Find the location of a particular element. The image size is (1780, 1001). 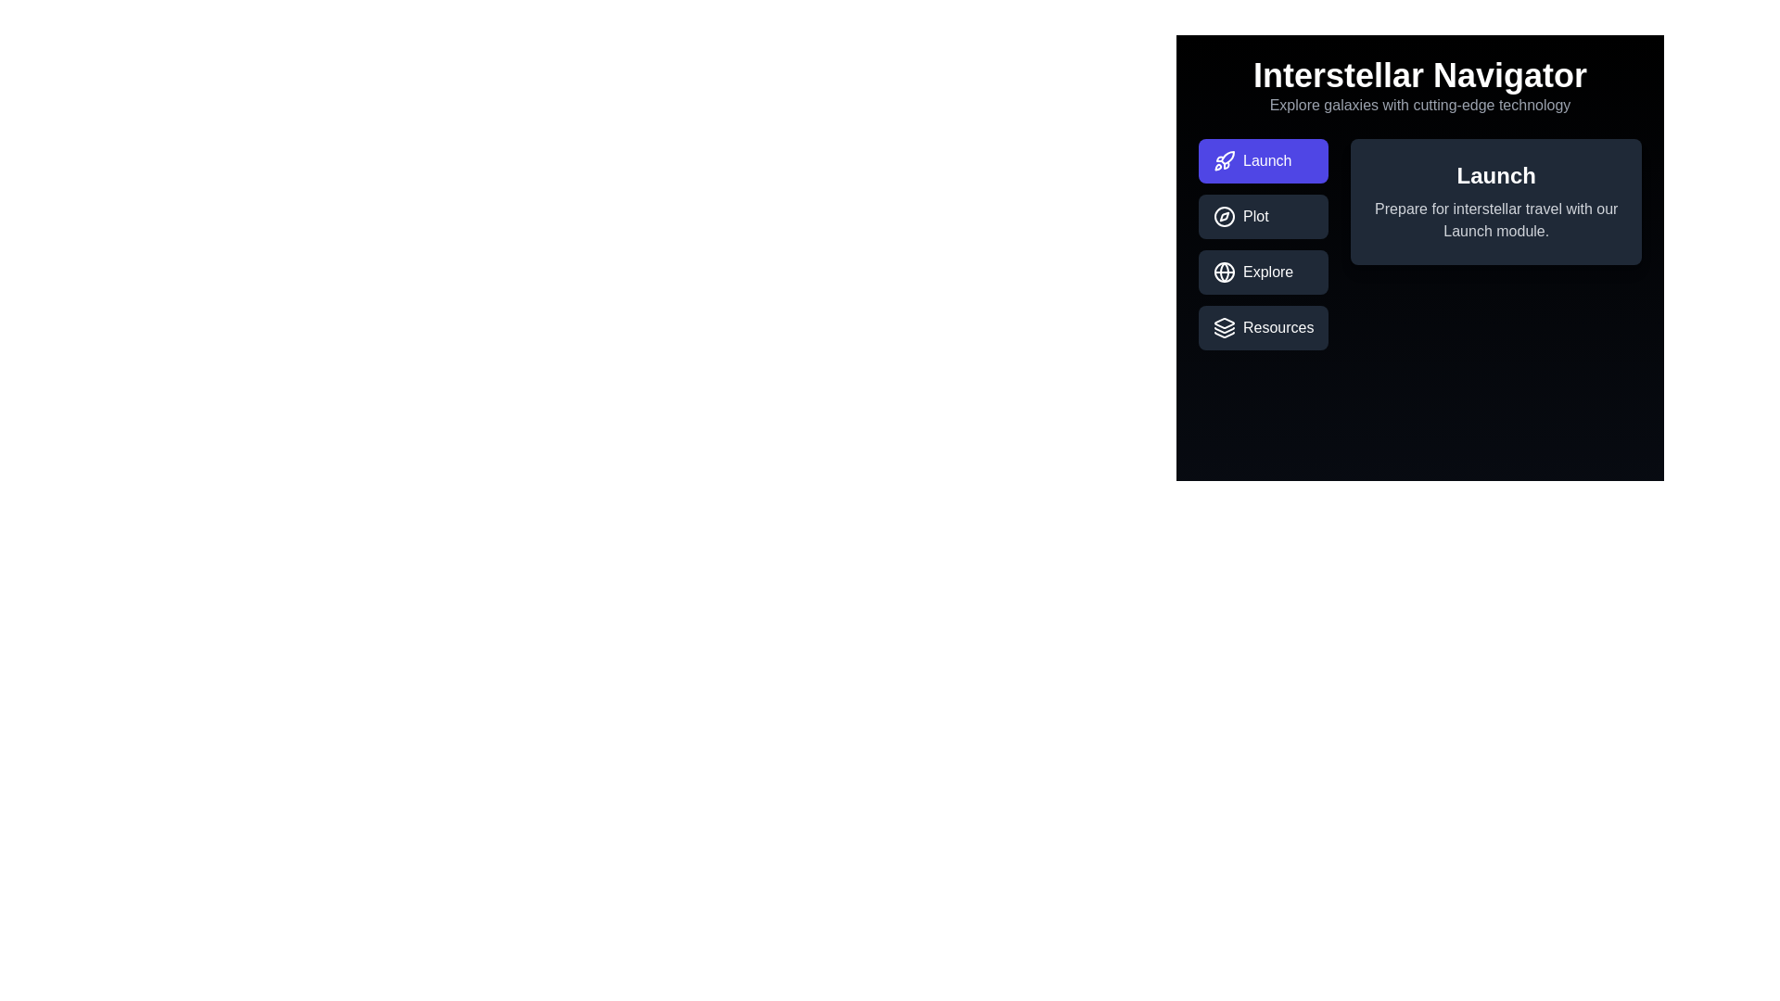

the icon within the tab labeled Plot is located at coordinates (1224, 216).